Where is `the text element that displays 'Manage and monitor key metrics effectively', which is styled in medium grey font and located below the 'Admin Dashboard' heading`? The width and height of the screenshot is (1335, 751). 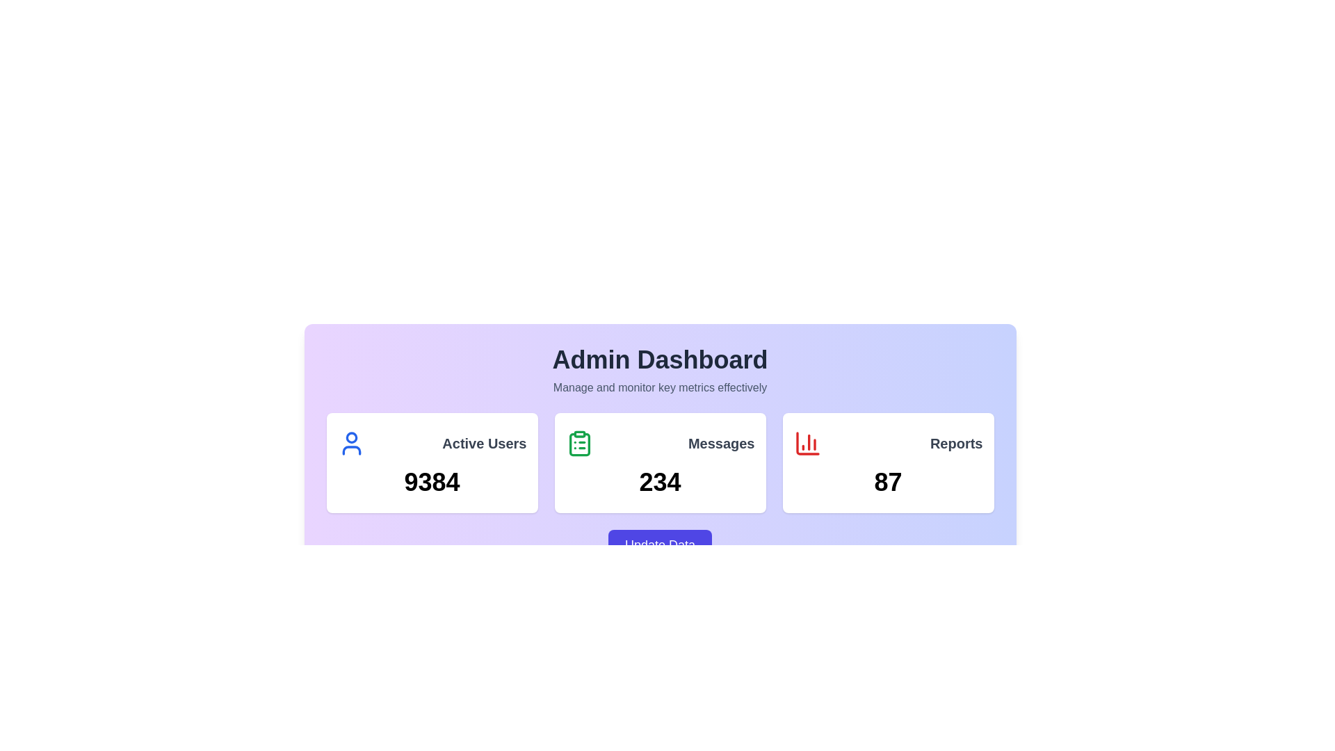 the text element that displays 'Manage and monitor key metrics effectively', which is styled in medium grey font and located below the 'Admin Dashboard' heading is located at coordinates (659, 388).